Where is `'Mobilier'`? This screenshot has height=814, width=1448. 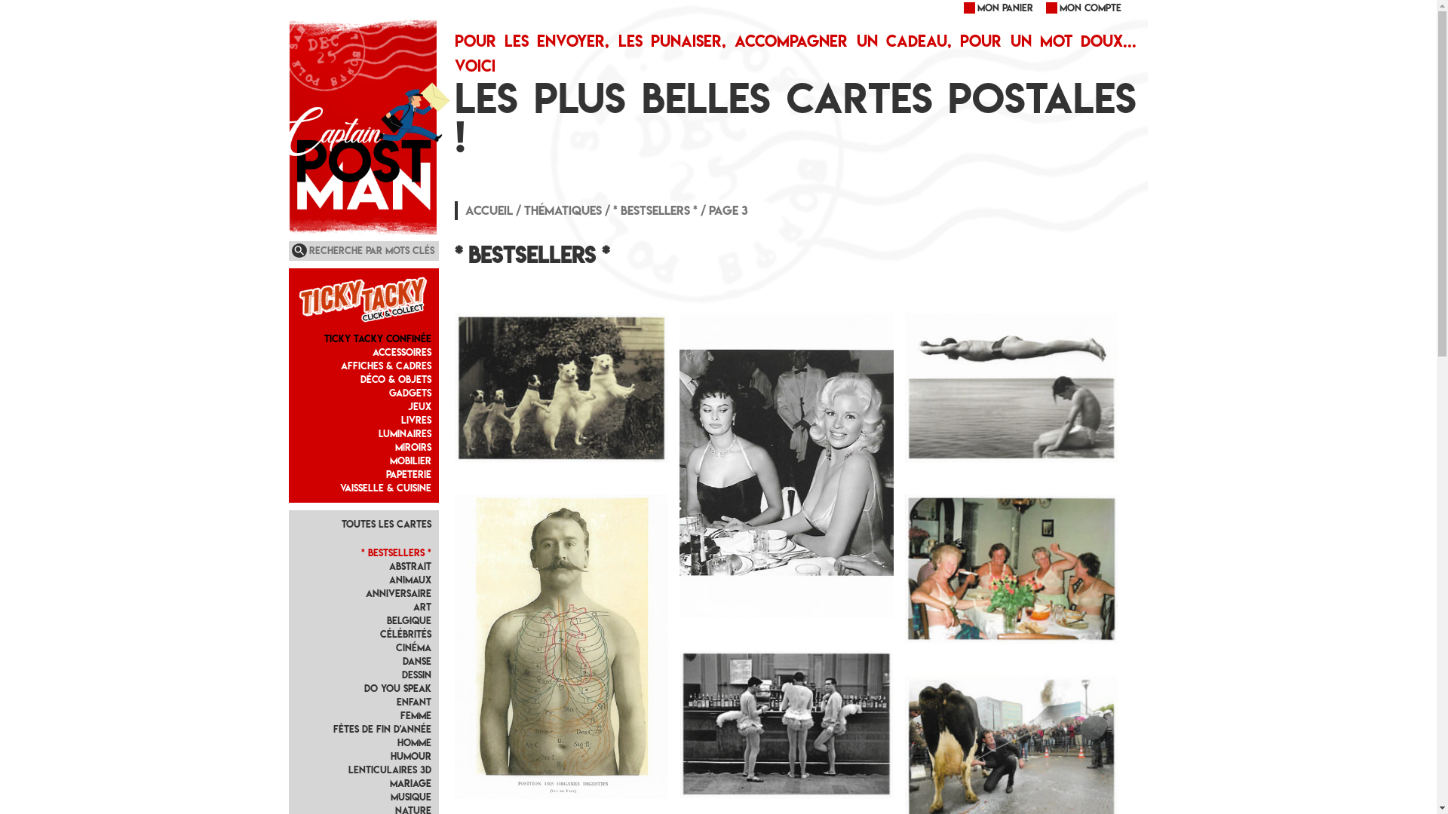 'Mobilier' is located at coordinates (390, 460).